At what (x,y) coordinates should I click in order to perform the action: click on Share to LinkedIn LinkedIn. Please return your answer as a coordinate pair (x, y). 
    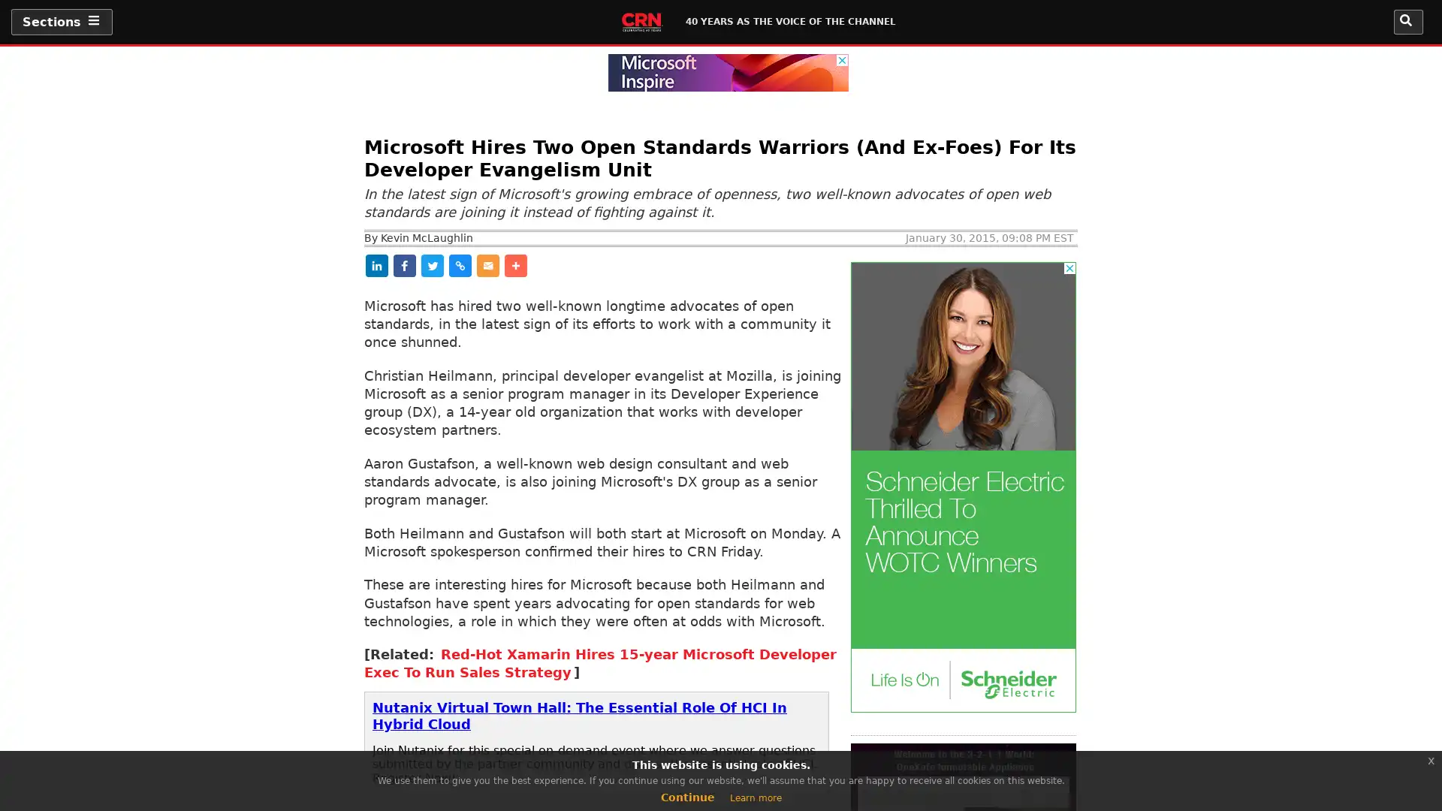
    Looking at the image, I should click on (401, 264).